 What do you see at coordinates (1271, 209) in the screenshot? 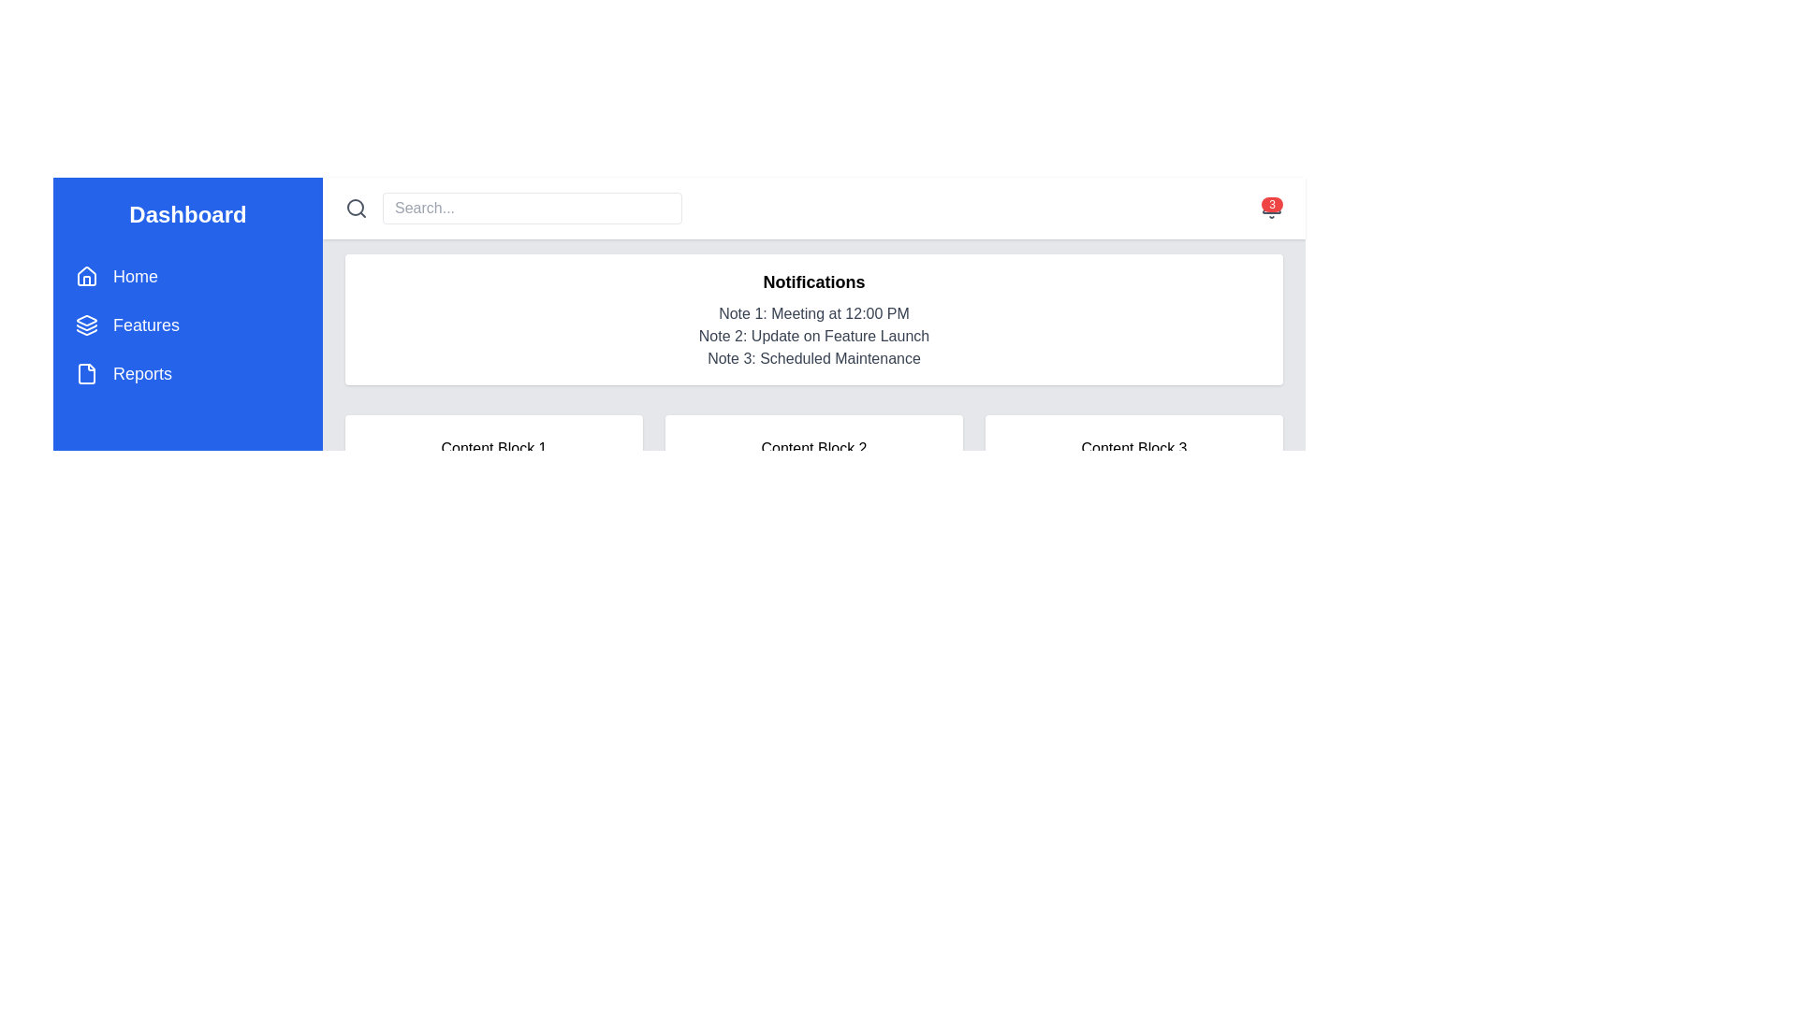
I see `the Notification badge with a red background and white text displaying the number '3' located` at bounding box center [1271, 209].